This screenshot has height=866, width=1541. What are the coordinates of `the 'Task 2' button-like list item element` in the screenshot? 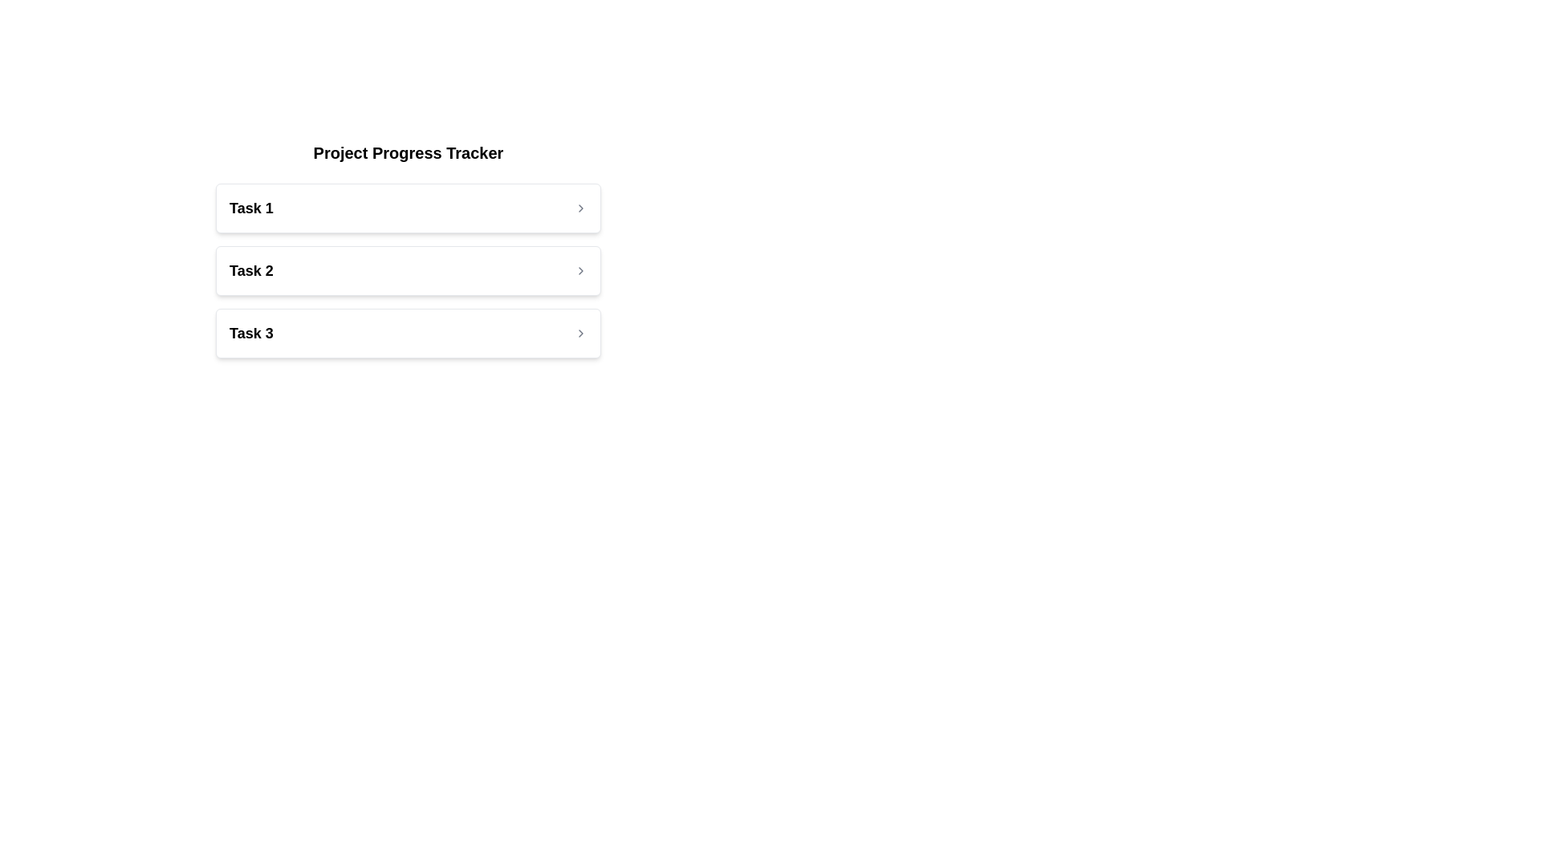 It's located at (408, 270).